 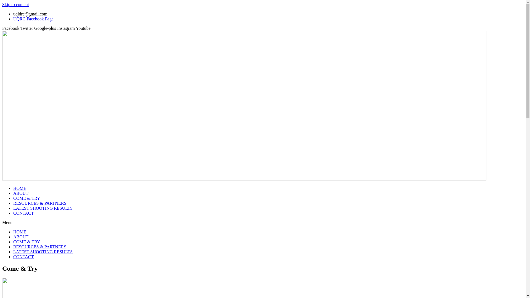 What do you see at coordinates (21, 193) in the screenshot?
I see `'ABOUT'` at bounding box center [21, 193].